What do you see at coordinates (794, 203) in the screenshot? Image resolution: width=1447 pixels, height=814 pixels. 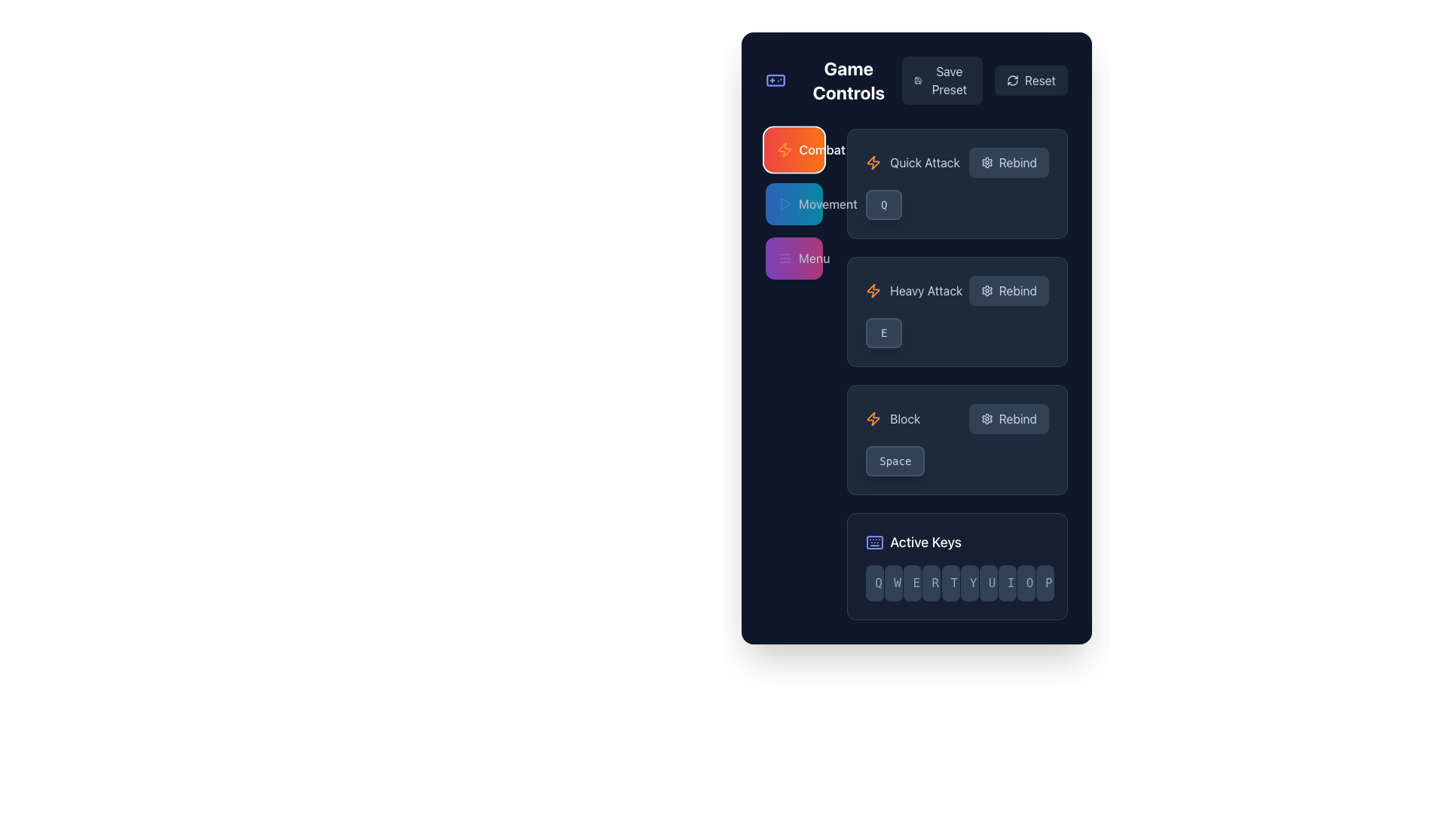 I see `the 'Movement' button located on the left side of the interface layout, below the 'Combat' button and above the 'Menu' button` at bounding box center [794, 203].